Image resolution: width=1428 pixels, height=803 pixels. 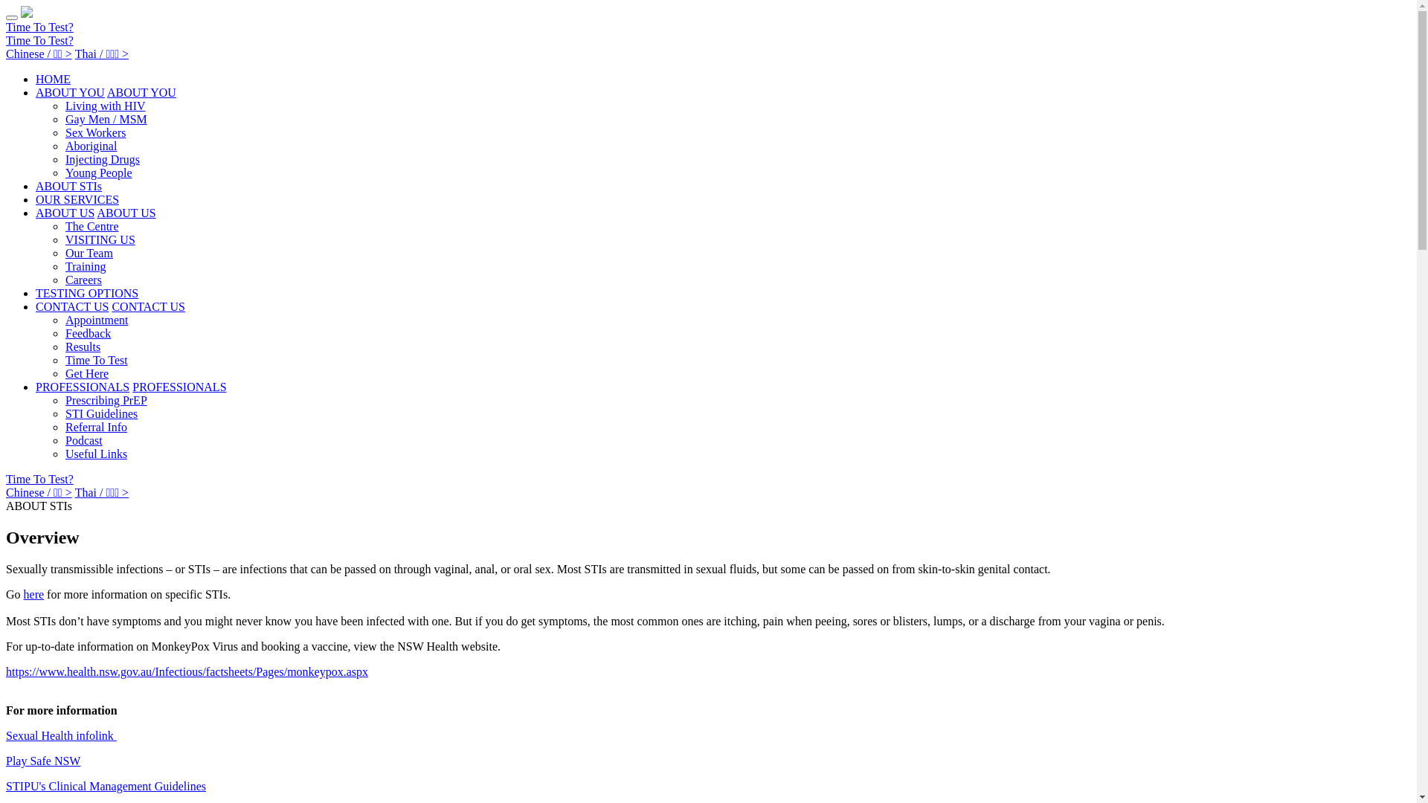 What do you see at coordinates (98, 172) in the screenshot?
I see `'Young People'` at bounding box center [98, 172].